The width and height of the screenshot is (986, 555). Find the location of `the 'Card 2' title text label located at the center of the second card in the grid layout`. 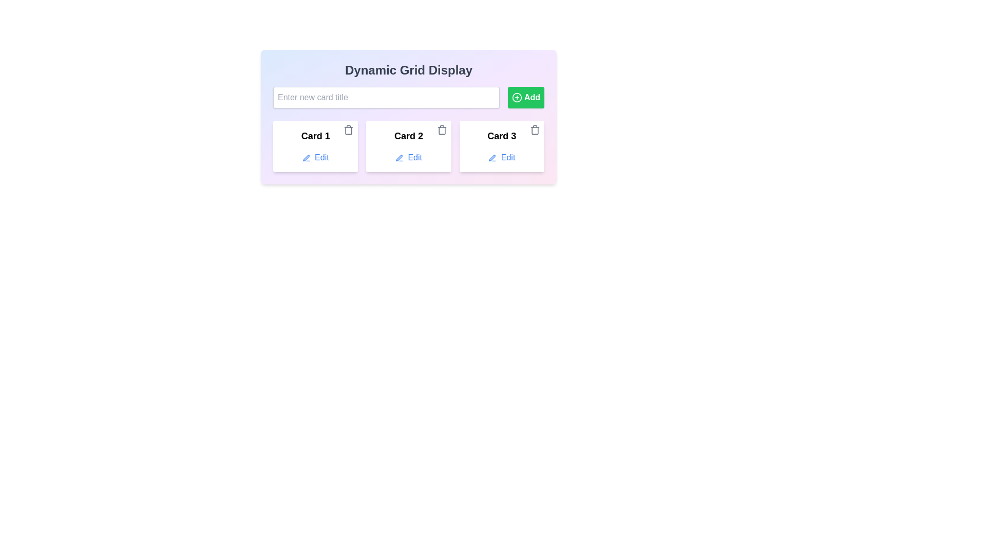

the 'Card 2' title text label located at the center of the second card in the grid layout is located at coordinates (408, 136).